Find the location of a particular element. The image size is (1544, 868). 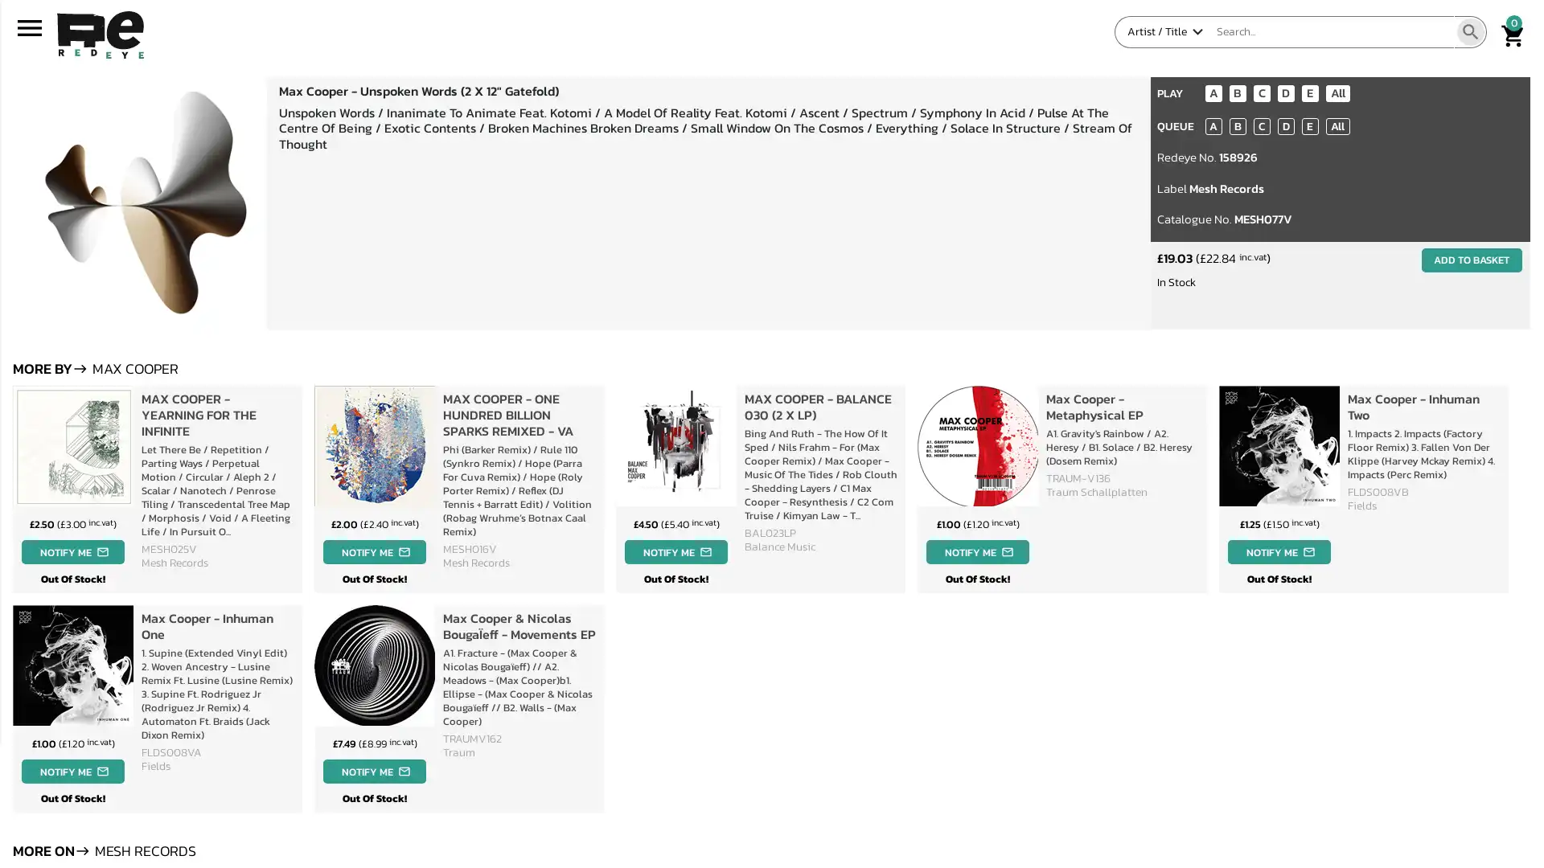

NOTIFY ME mail_outline is located at coordinates (1278, 551).